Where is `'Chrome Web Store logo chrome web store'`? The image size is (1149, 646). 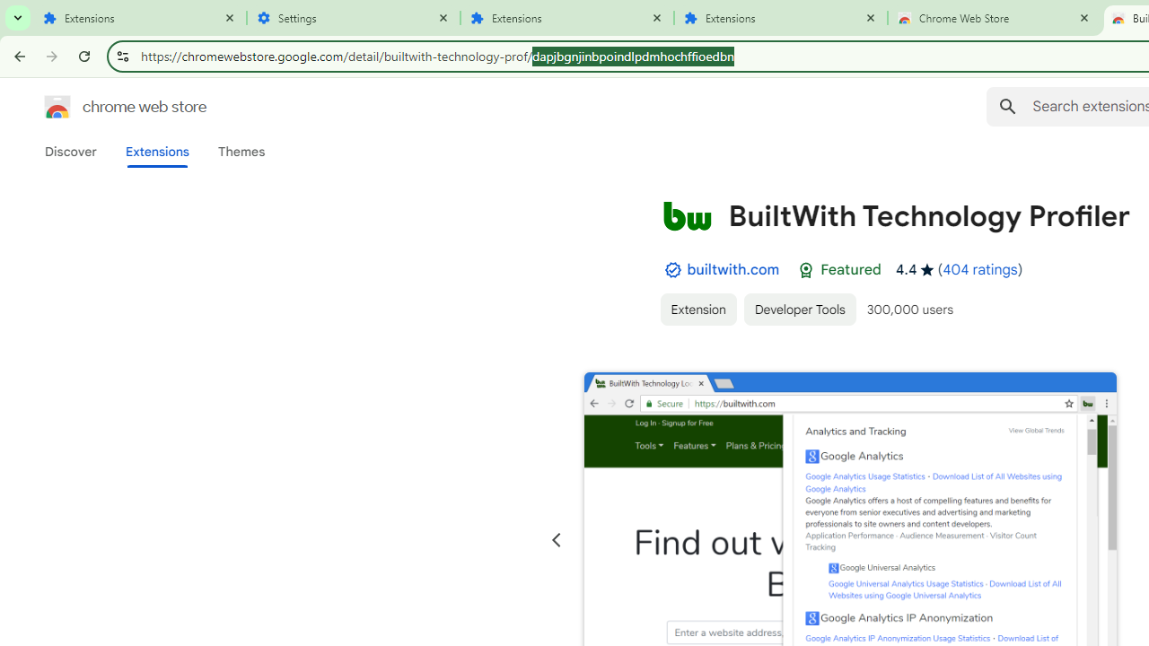 'Chrome Web Store logo chrome web store' is located at coordinates (106, 107).